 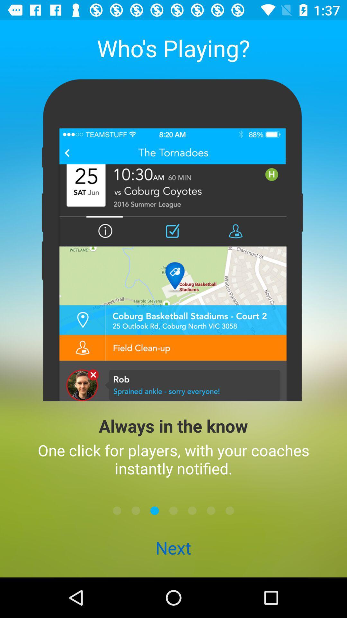 What do you see at coordinates (155, 510) in the screenshot?
I see `the item above the next item` at bounding box center [155, 510].